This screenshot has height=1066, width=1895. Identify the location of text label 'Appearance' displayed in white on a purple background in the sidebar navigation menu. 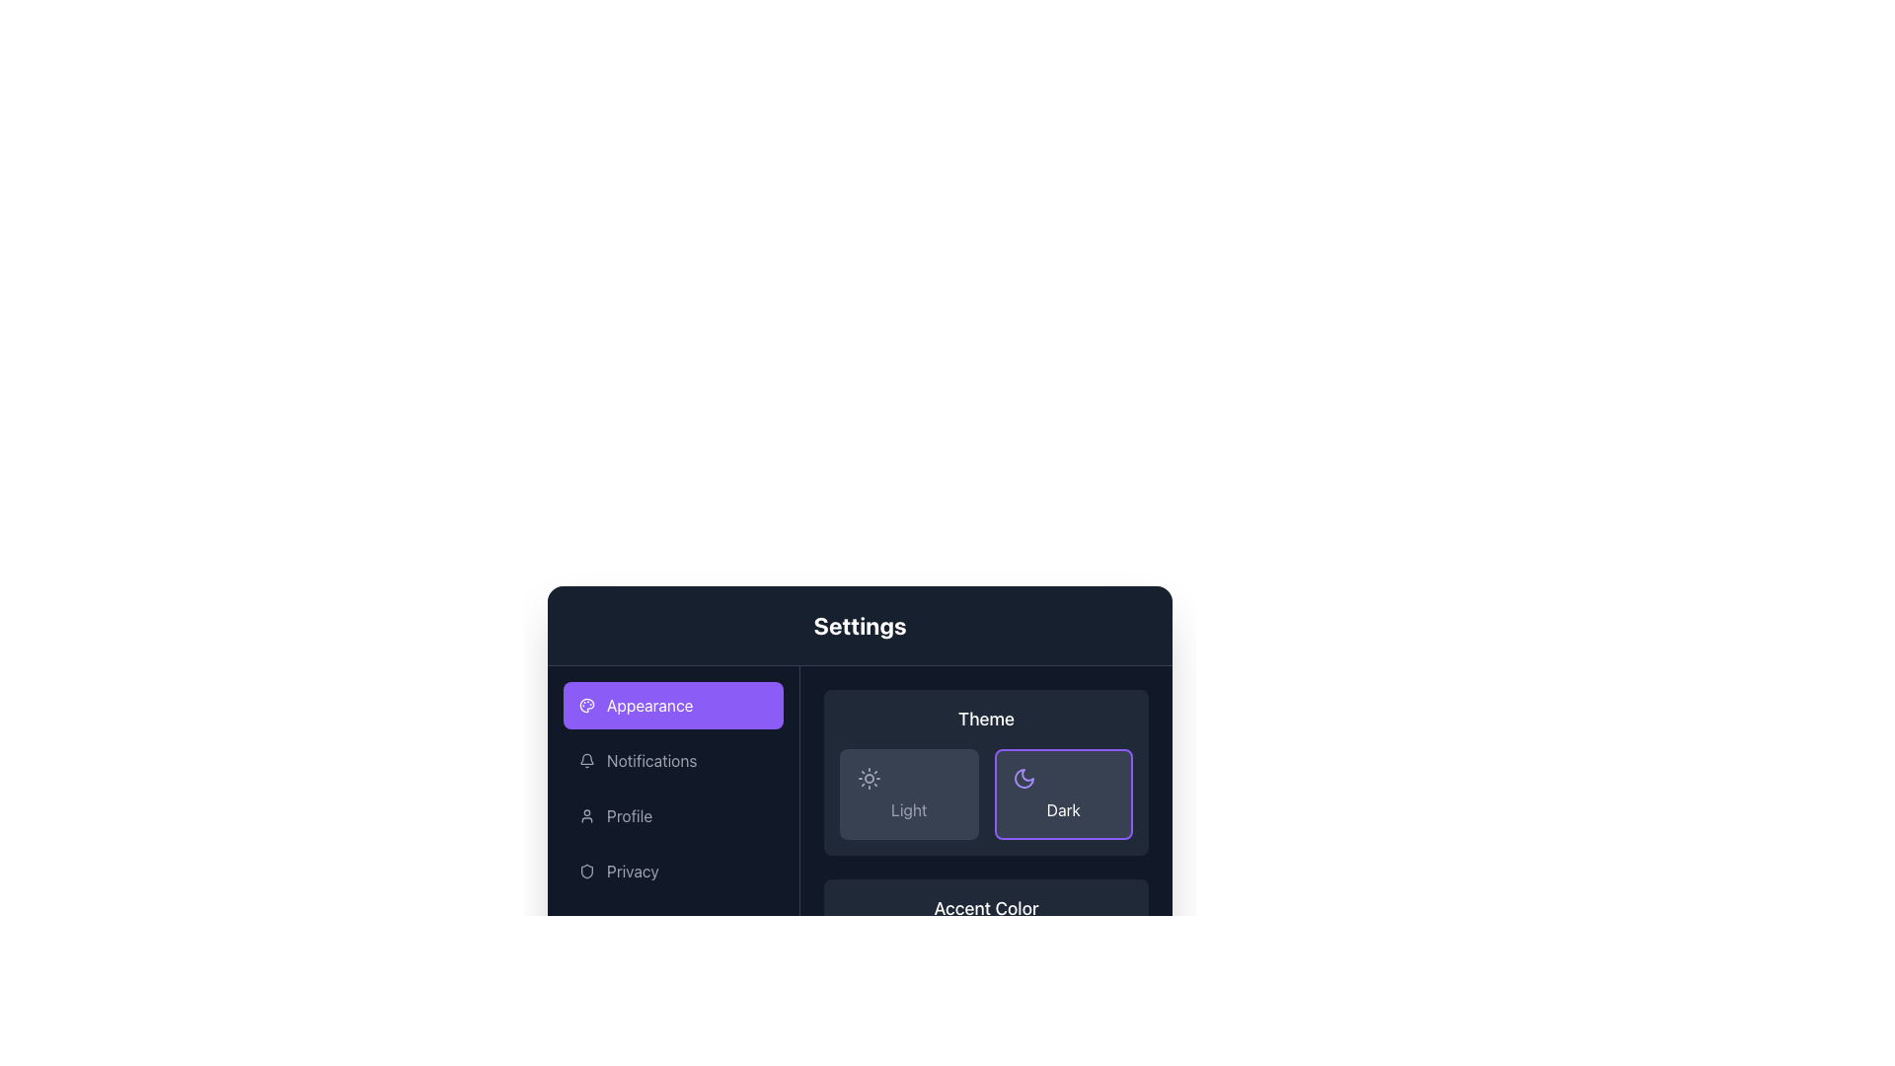
(649, 704).